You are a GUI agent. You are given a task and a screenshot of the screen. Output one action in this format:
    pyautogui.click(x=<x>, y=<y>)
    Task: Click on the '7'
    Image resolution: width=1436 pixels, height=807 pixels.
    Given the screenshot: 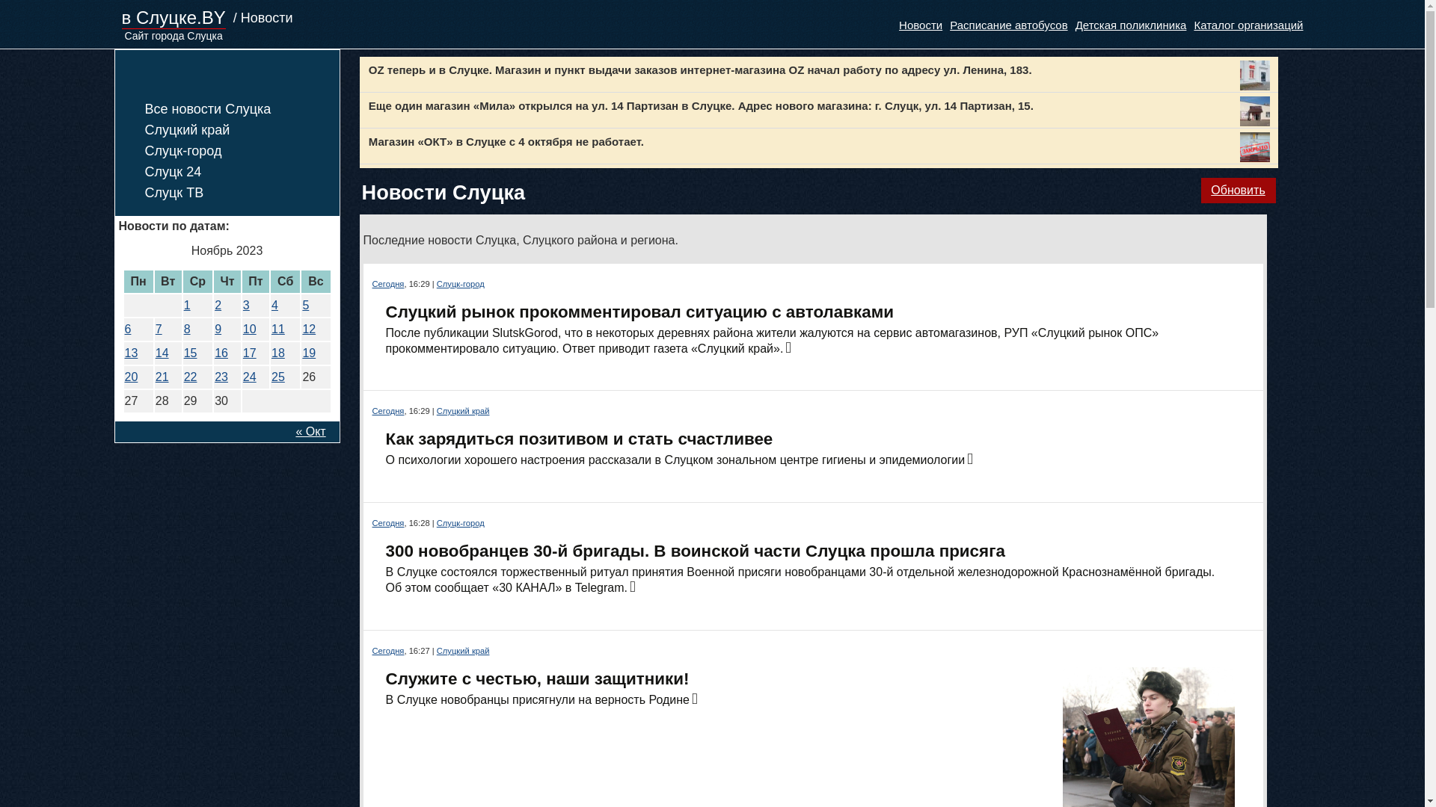 What is the action you would take?
    pyautogui.click(x=159, y=328)
    